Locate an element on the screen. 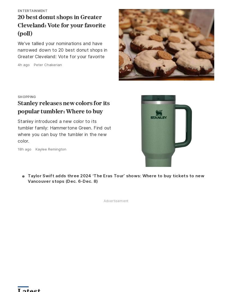 The height and width of the screenshot is (292, 232). '20 best donut shops in Greater Cleveland: Vote for your favorite (poll)' is located at coordinates (61, 24).